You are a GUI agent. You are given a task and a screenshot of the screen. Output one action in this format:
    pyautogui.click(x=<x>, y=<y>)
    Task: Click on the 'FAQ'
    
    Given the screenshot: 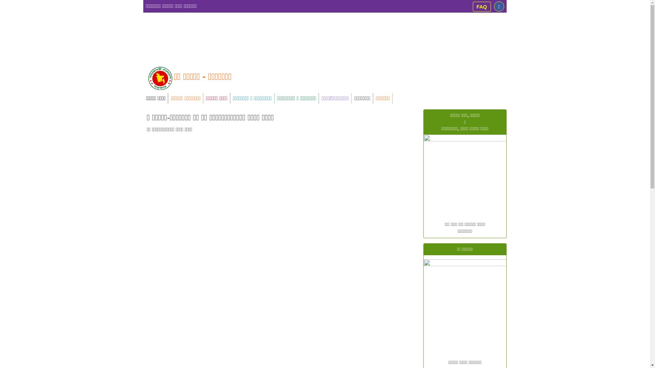 What is the action you would take?
    pyautogui.click(x=481, y=6)
    